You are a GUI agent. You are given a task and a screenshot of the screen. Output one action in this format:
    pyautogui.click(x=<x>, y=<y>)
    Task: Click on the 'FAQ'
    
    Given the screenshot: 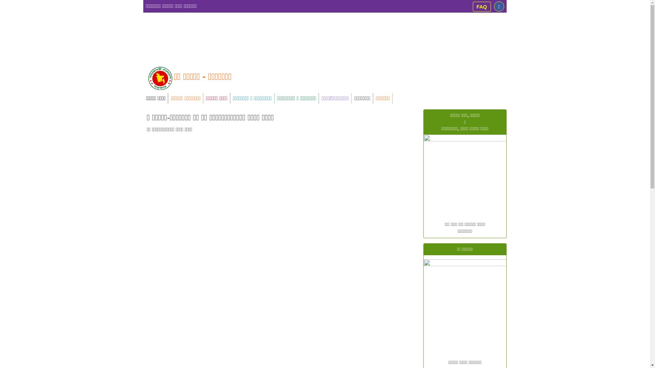 What is the action you would take?
    pyautogui.click(x=481, y=6)
    